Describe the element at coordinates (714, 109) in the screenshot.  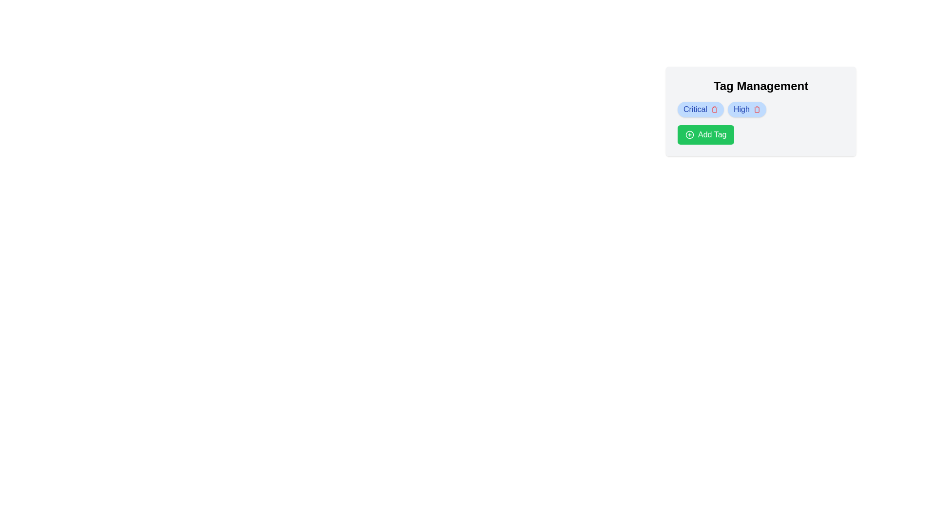
I see `the red trash icon button located to the right of the 'Critical' text in the Tag Management section to observe the color change upon interaction` at that location.